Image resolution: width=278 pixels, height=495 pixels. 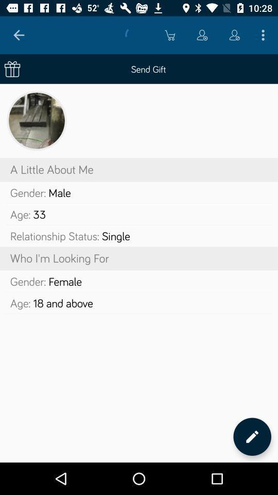 I want to click on the item at the bottom right corner, so click(x=252, y=436).